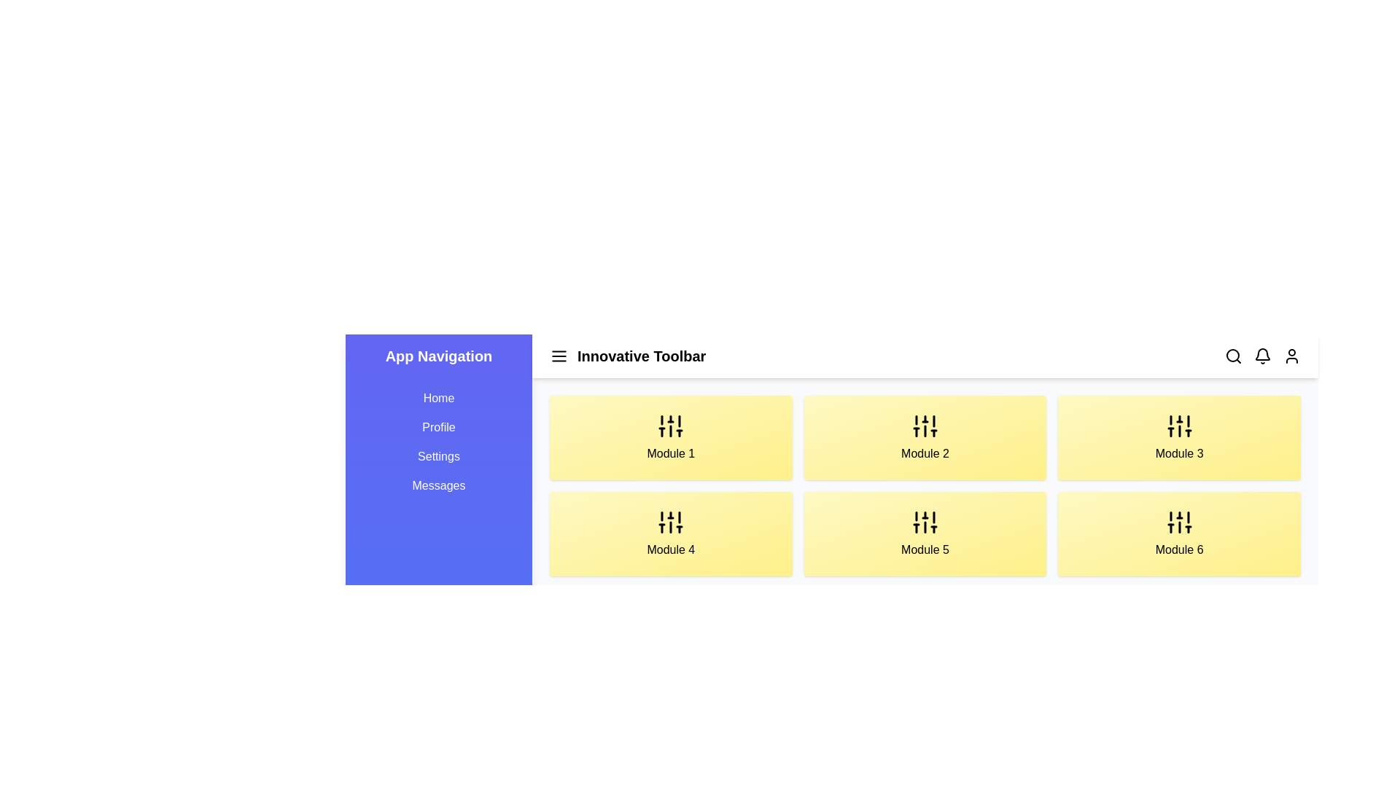  Describe the element at coordinates (559, 356) in the screenshot. I see `the menu icon to toggle the sidebar visibility` at that location.